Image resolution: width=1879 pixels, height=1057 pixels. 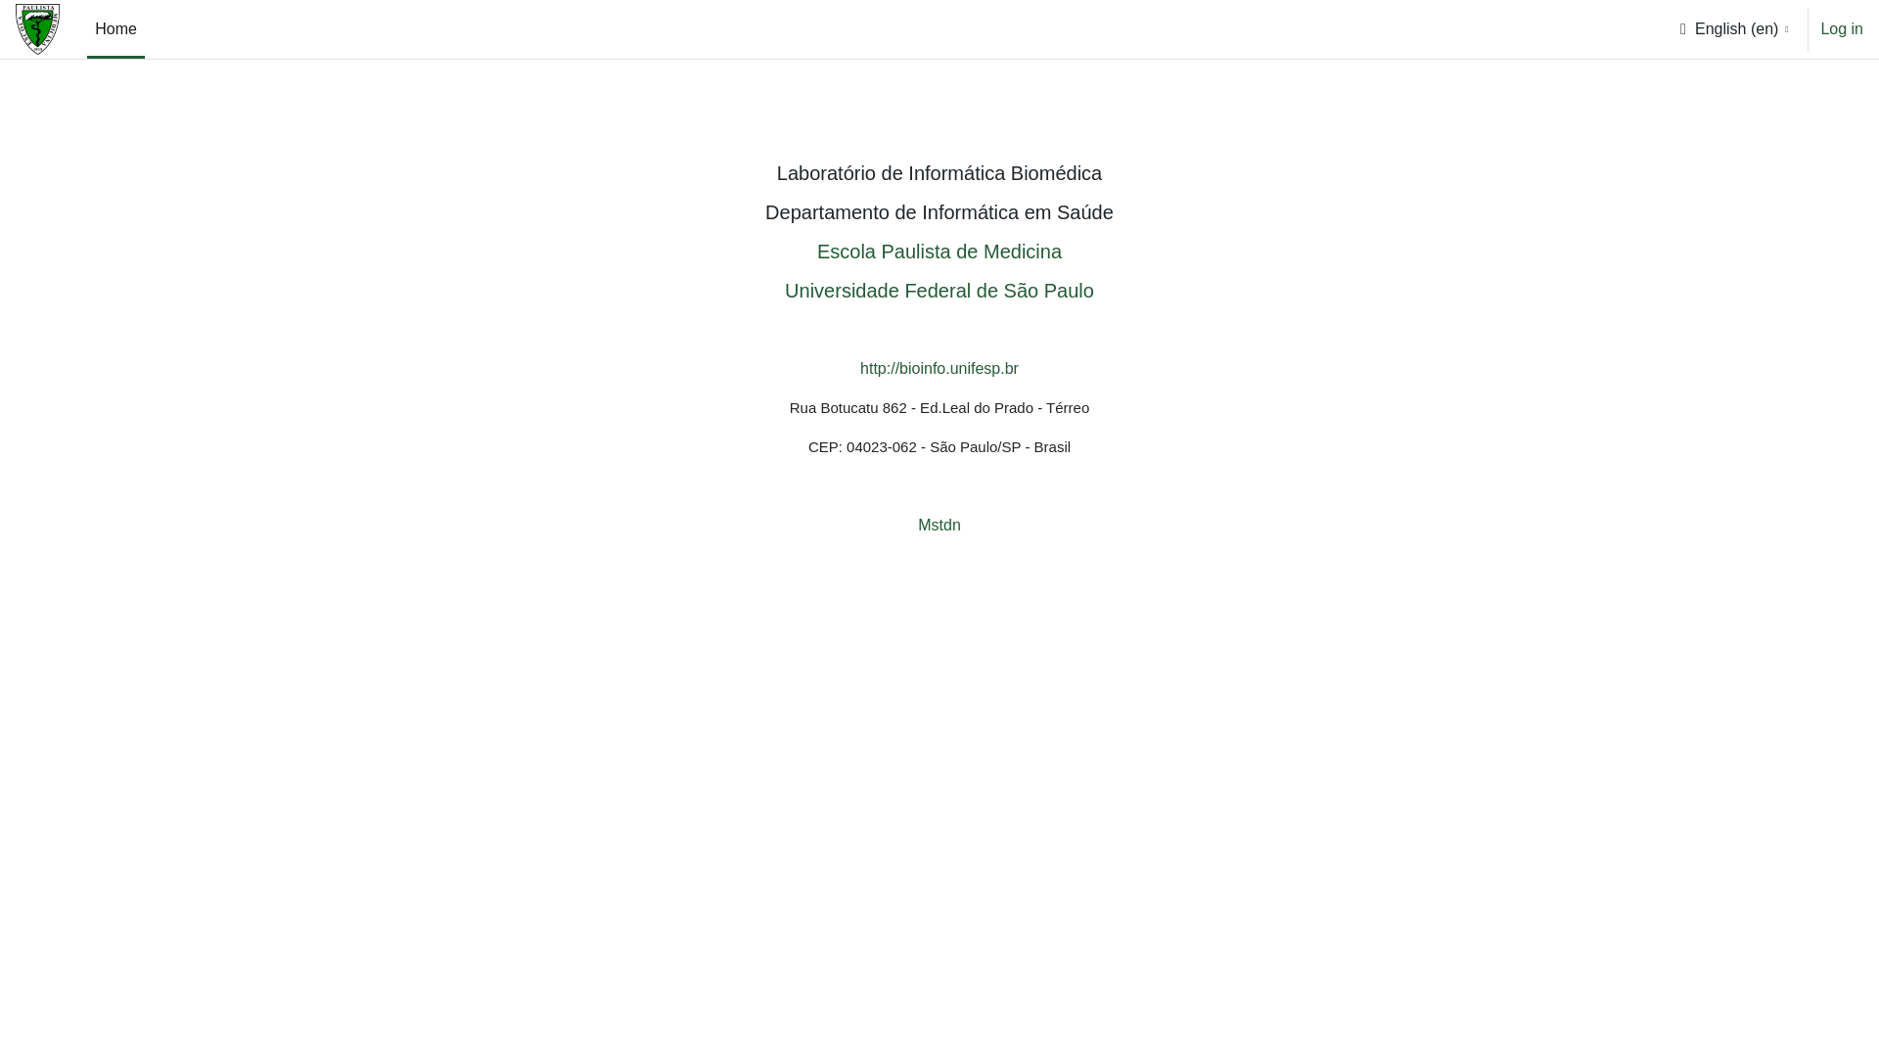 I want to click on 'Mstdn', so click(x=939, y=524).